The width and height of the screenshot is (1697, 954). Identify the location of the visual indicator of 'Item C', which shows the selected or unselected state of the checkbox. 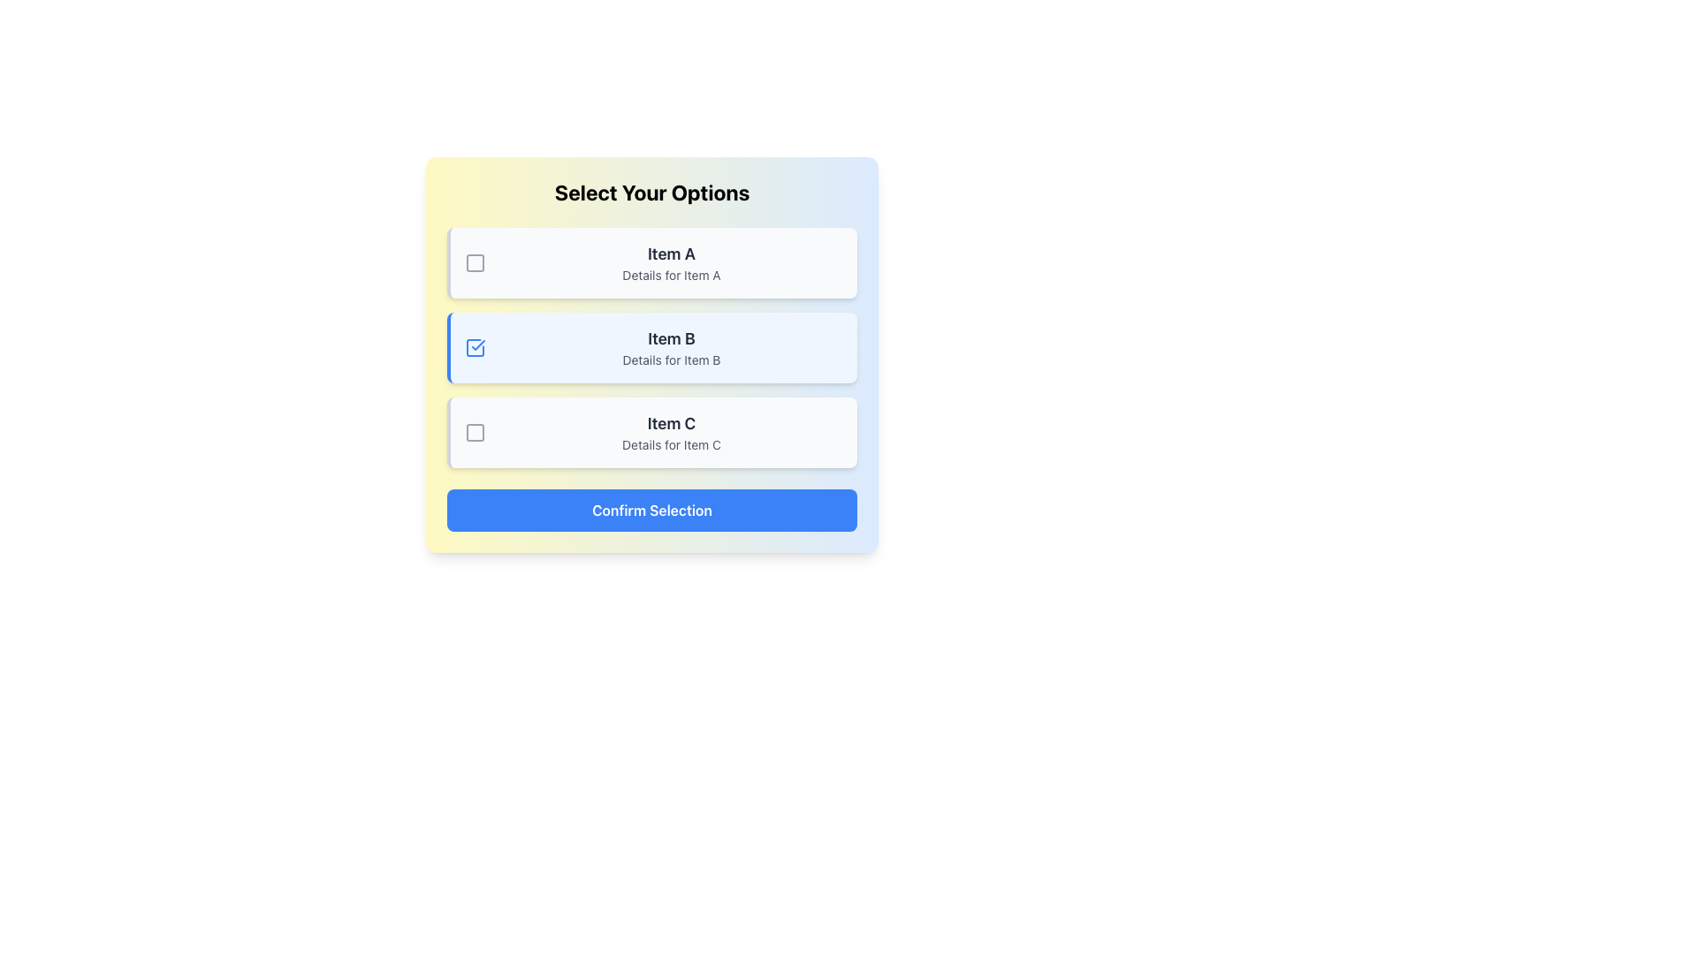
(475, 432).